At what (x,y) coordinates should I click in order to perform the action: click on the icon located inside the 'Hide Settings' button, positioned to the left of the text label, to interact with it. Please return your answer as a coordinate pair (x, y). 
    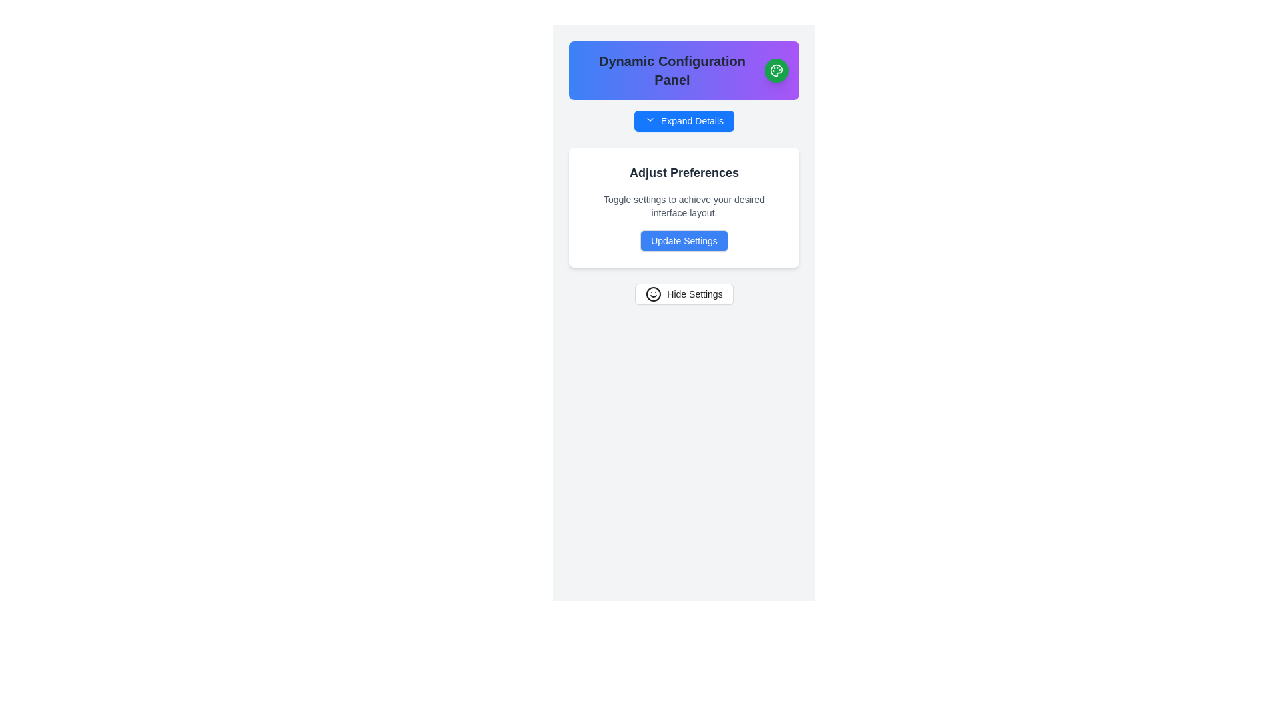
    Looking at the image, I should click on (654, 294).